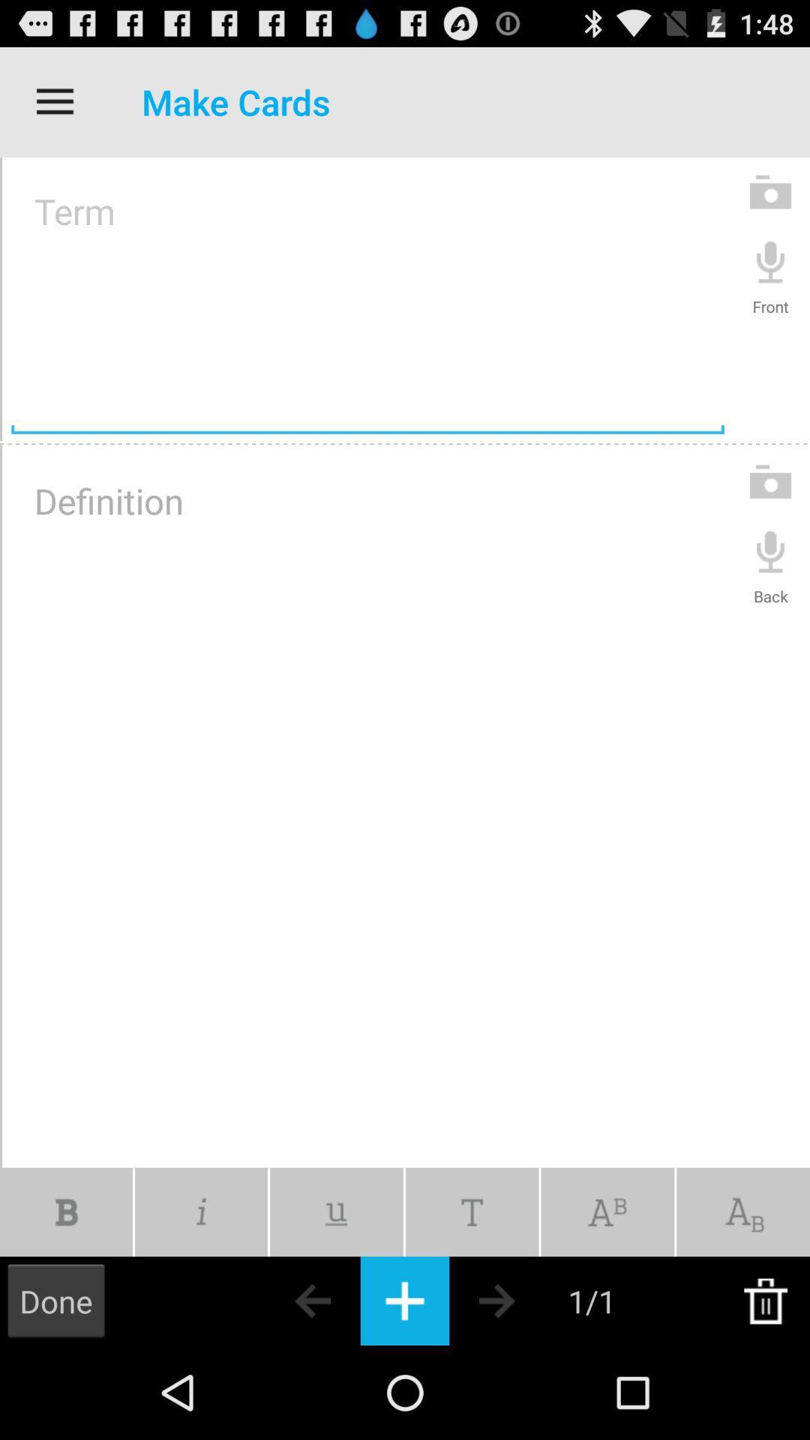 The image size is (810, 1440). I want to click on microphone, so click(770, 261).